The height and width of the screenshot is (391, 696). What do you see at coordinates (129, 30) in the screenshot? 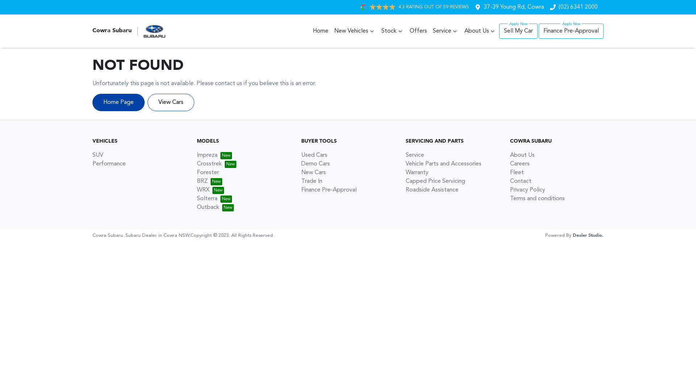
I see `'Cowra Subaru'` at bounding box center [129, 30].